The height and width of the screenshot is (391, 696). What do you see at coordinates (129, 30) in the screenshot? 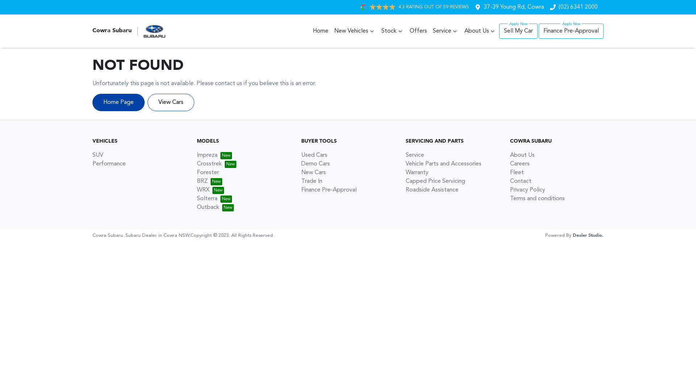
I see `'Cowra Subaru'` at bounding box center [129, 30].